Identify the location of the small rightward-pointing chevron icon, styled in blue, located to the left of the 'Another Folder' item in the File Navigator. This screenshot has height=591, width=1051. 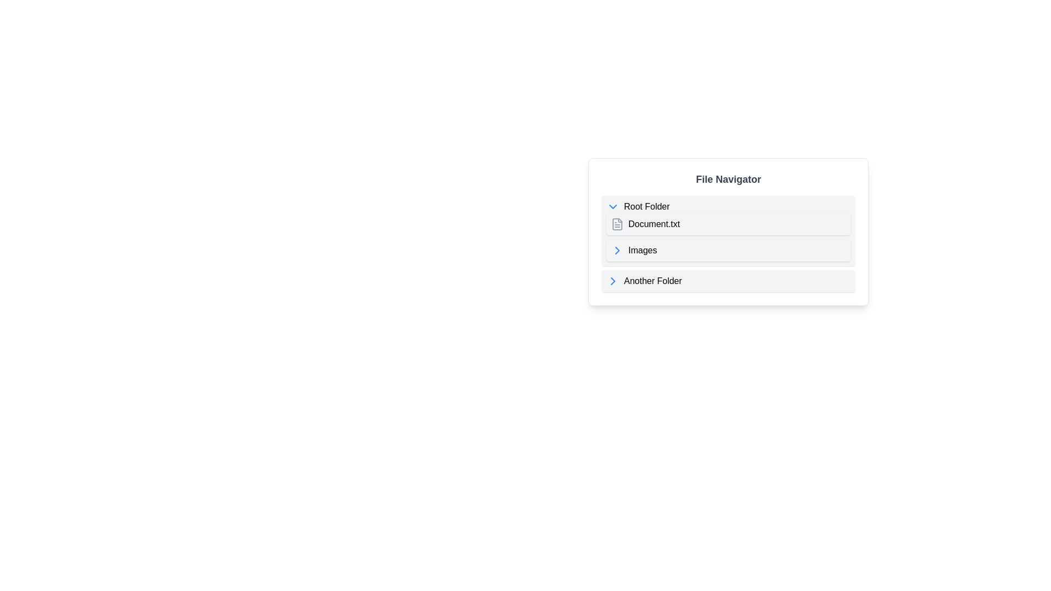
(612, 280).